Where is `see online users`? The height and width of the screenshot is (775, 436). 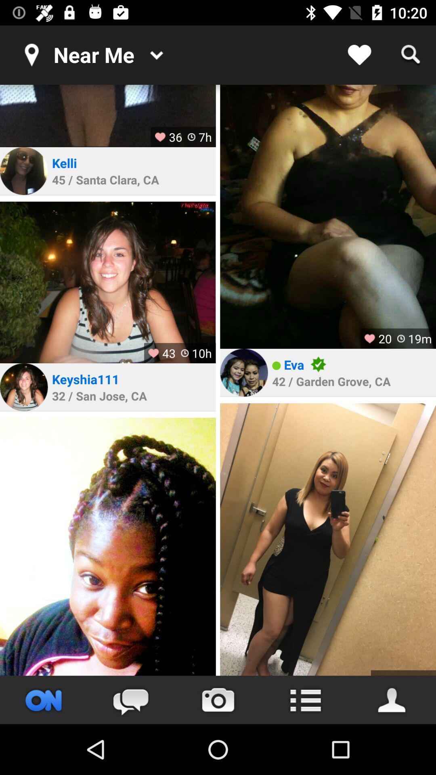 see online users is located at coordinates (44, 700).